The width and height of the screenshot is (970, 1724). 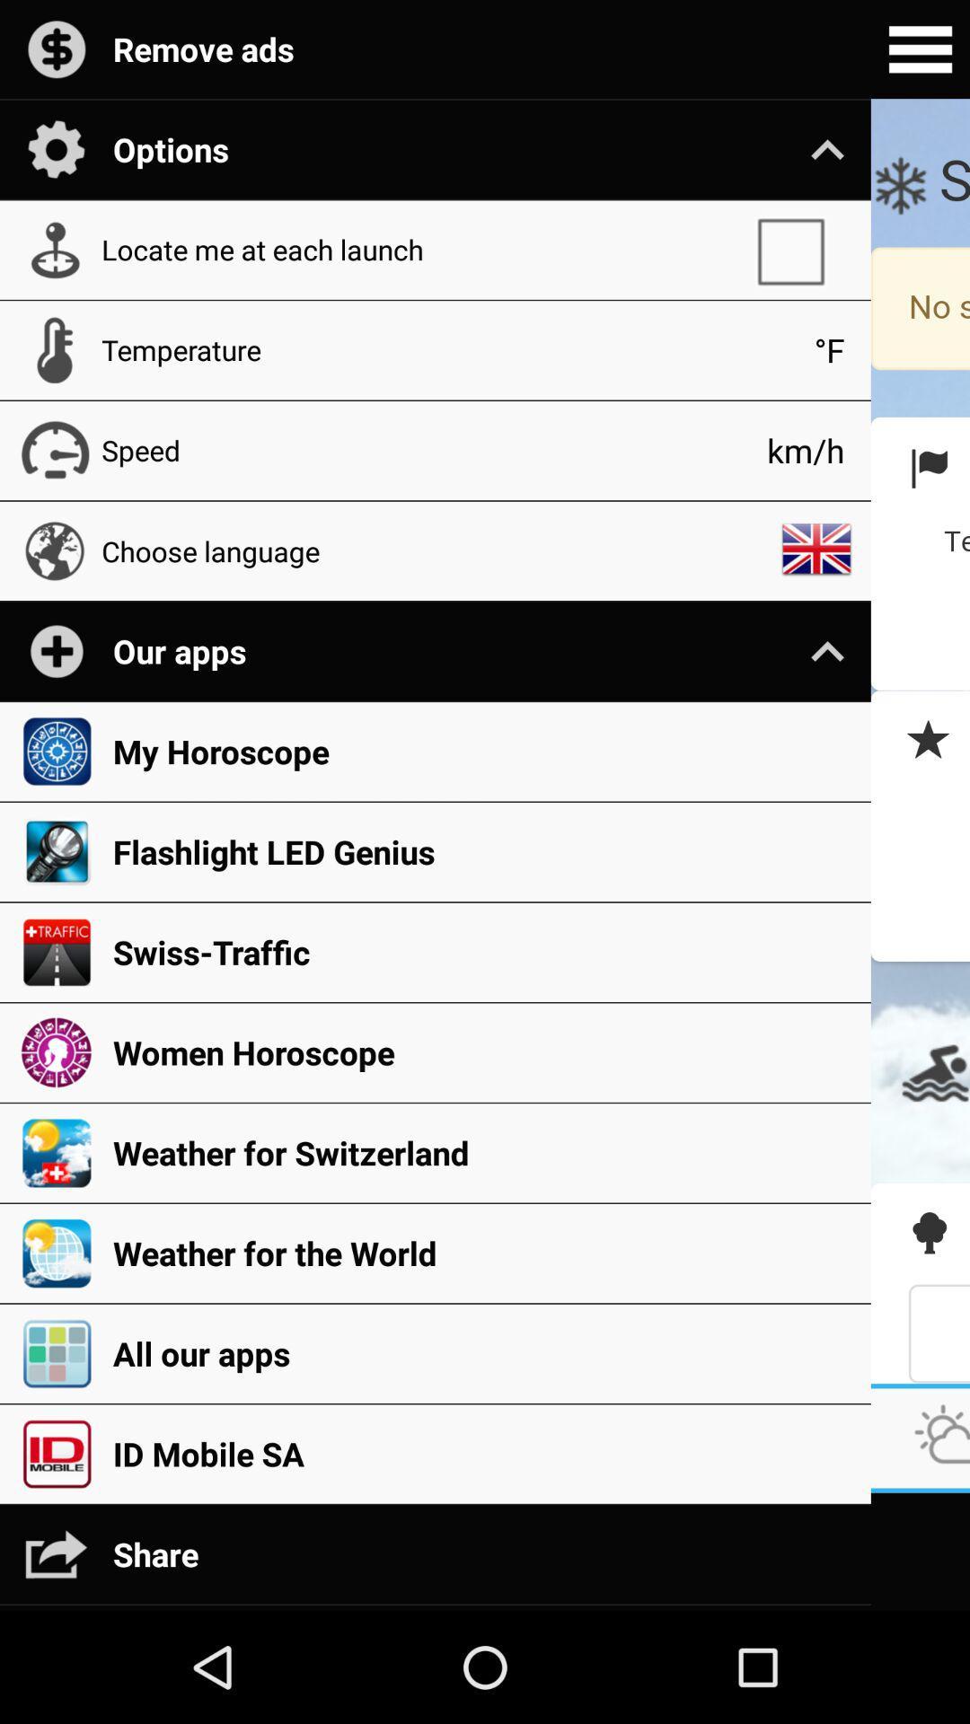 I want to click on automatic location, so click(x=798, y=249).